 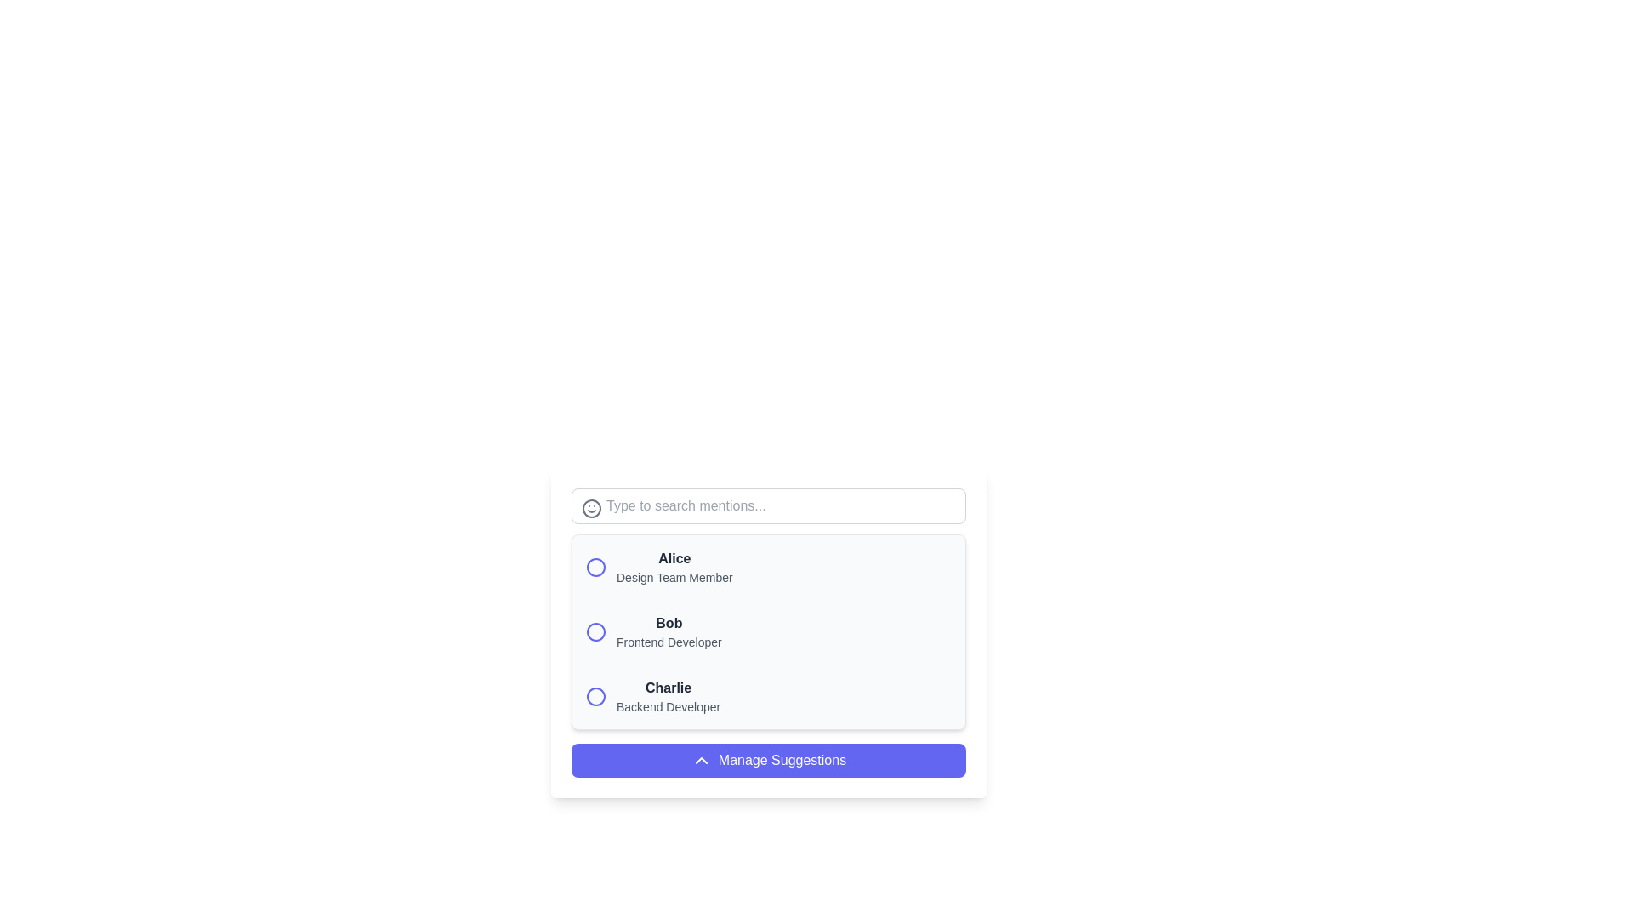 I want to click on the text label displaying the name and role of the individual in the third selectable option of the list, located beneath 'Bob Frontend Developer', so click(x=668, y=696).